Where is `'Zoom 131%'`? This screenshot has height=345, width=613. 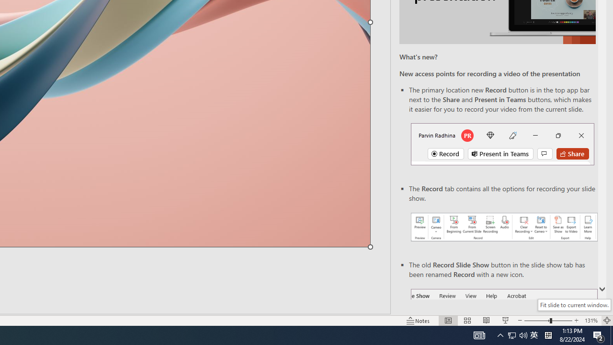
'Zoom 131%' is located at coordinates (590, 321).